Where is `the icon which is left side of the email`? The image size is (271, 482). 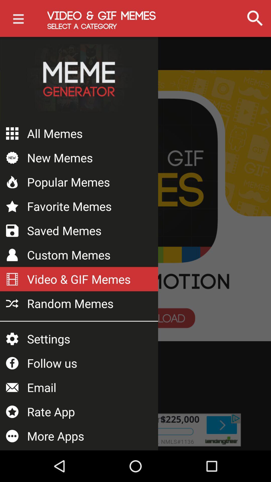
the icon which is left side of the email is located at coordinates (12, 387).